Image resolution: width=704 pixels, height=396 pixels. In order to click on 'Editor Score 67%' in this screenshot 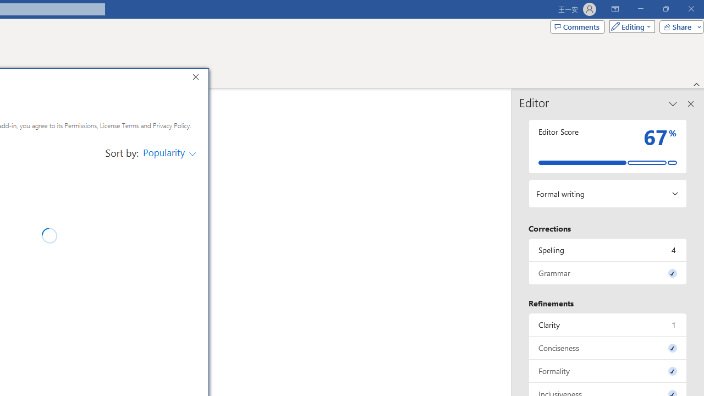, I will do `click(607, 146)`.